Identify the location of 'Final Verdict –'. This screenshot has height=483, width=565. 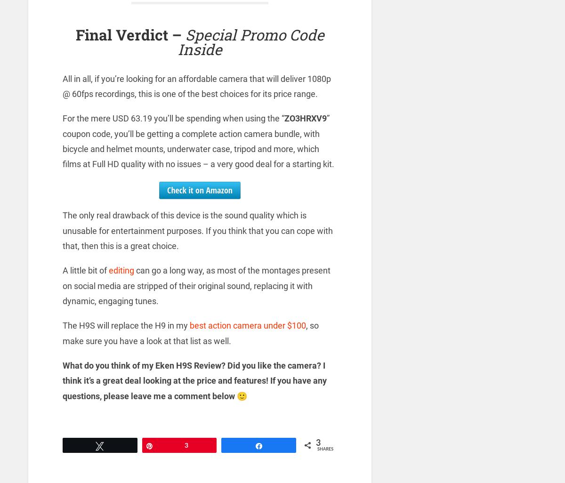
(130, 34).